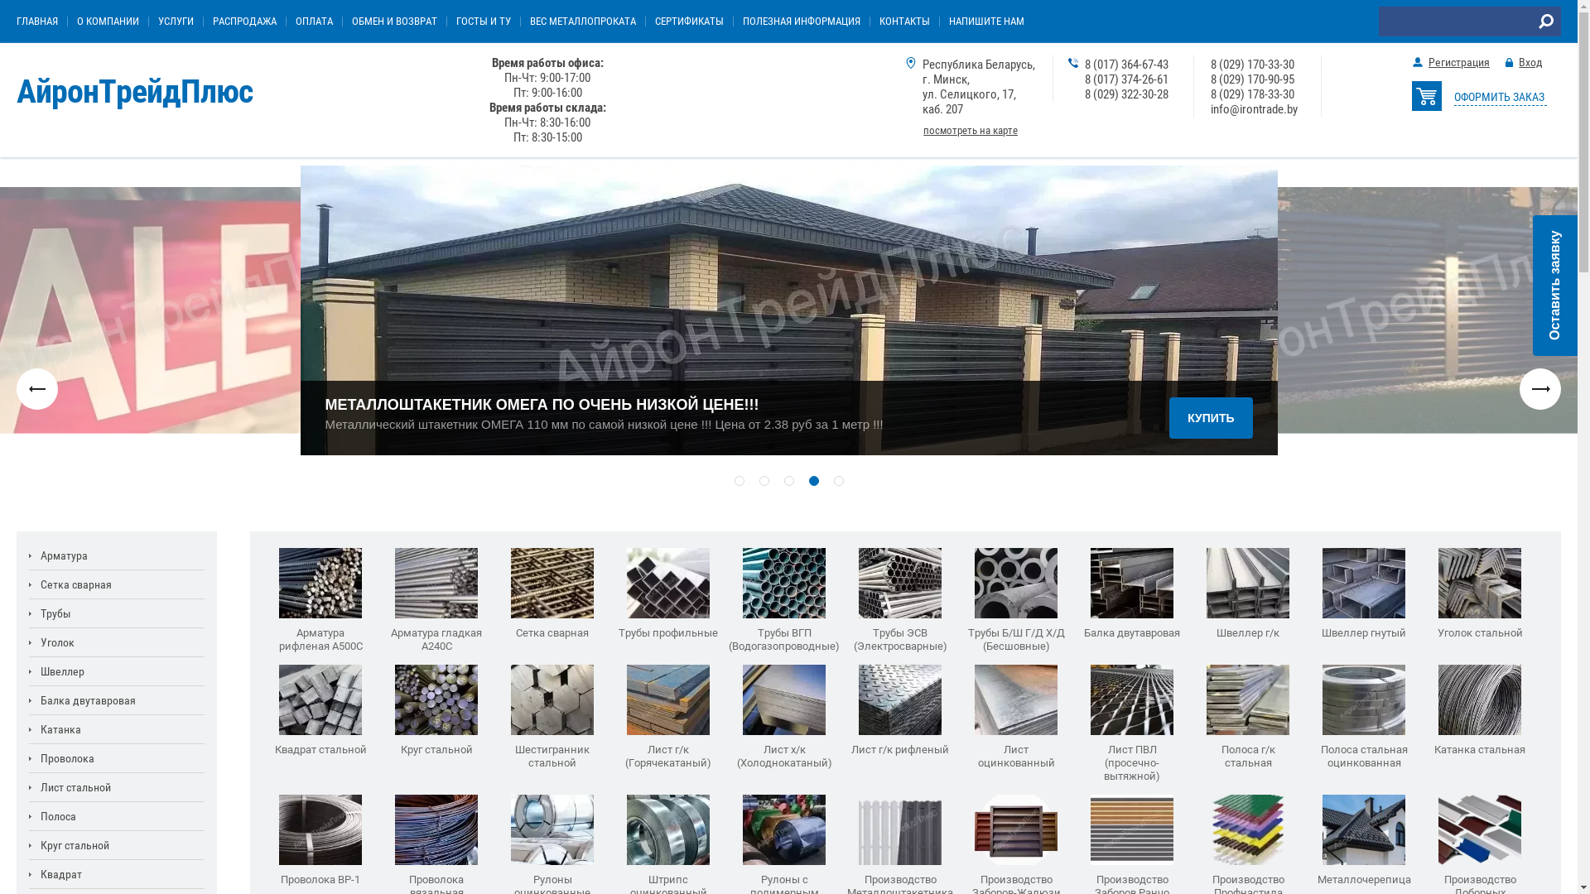 Image resolution: width=1590 pixels, height=894 pixels. Describe the element at coordinates (1211, 79) in the screenshot. I see `'8 (029) 170-90-95'` at that location.